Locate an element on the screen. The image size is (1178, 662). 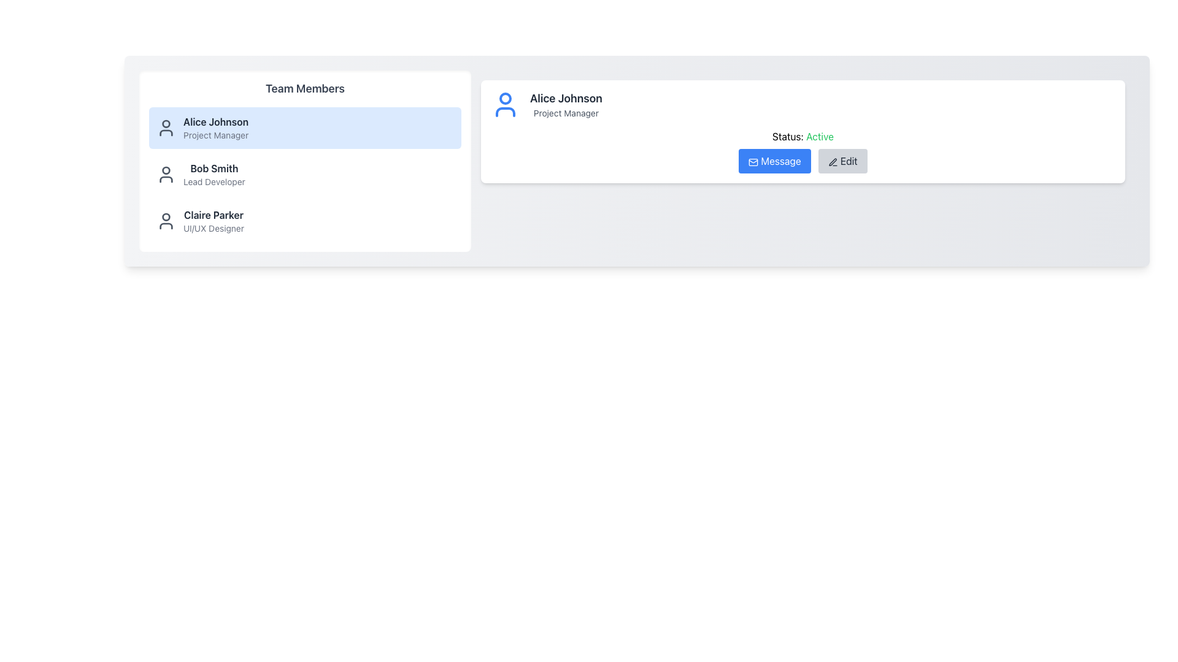
the envelope icon within the 'Message' button, which has a blue background and white text, located to the left of the 'Edit' button is located at coordinates (753, 161).